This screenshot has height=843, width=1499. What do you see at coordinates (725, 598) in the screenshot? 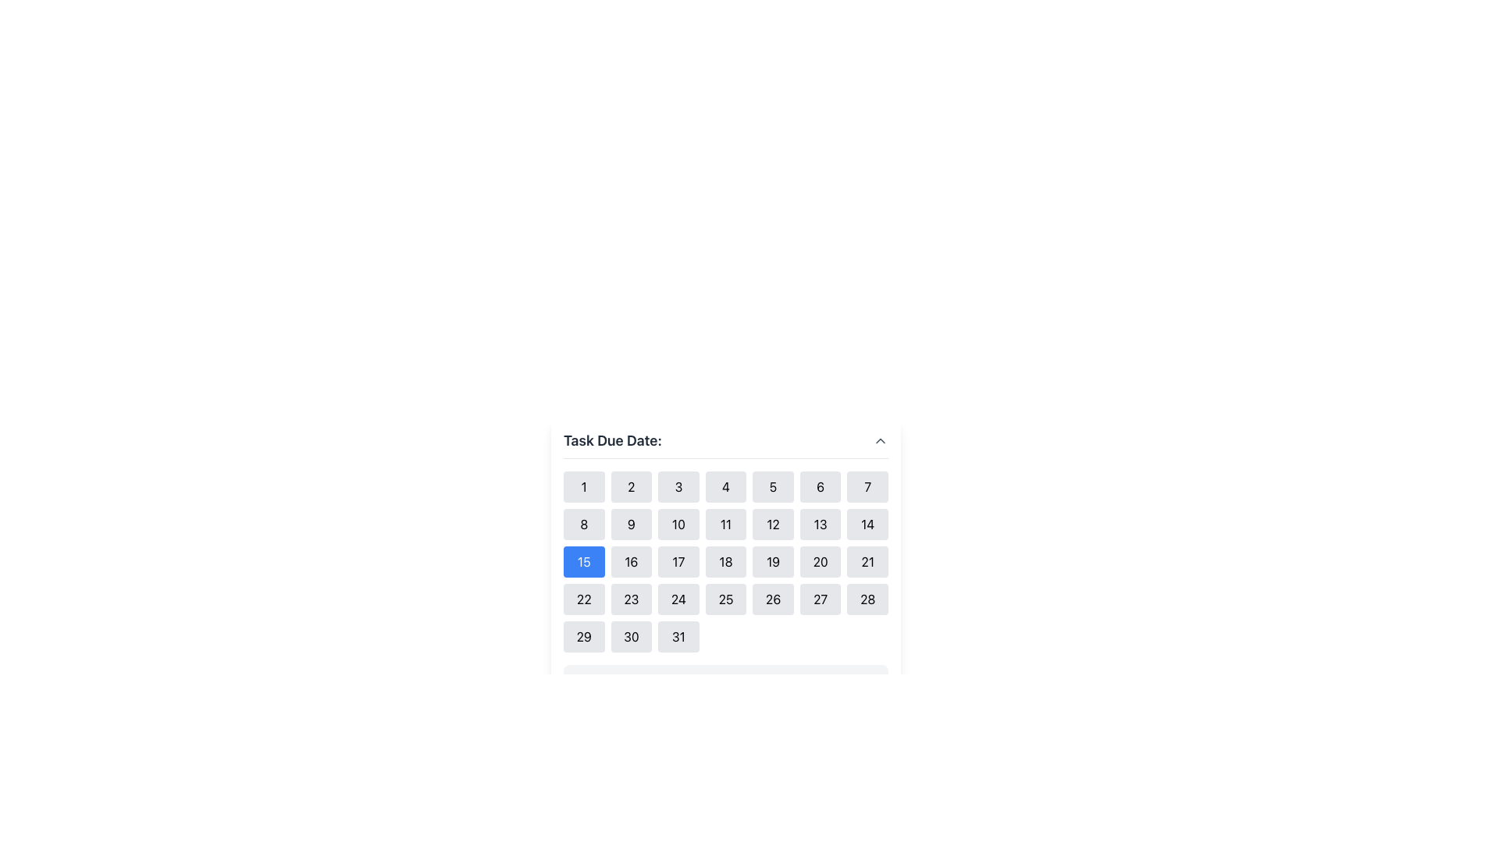
I see `the rectangular button with rounded corners displaying the number '25' to trigger the hover effect` at bounding box center [725, 598].